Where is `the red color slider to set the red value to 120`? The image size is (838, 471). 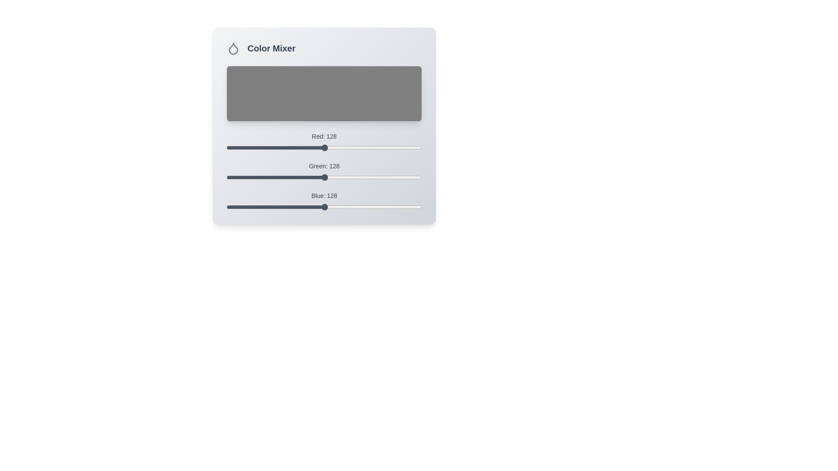
the red color slider to set the red value to 120 is located at coordinates (318, 147).